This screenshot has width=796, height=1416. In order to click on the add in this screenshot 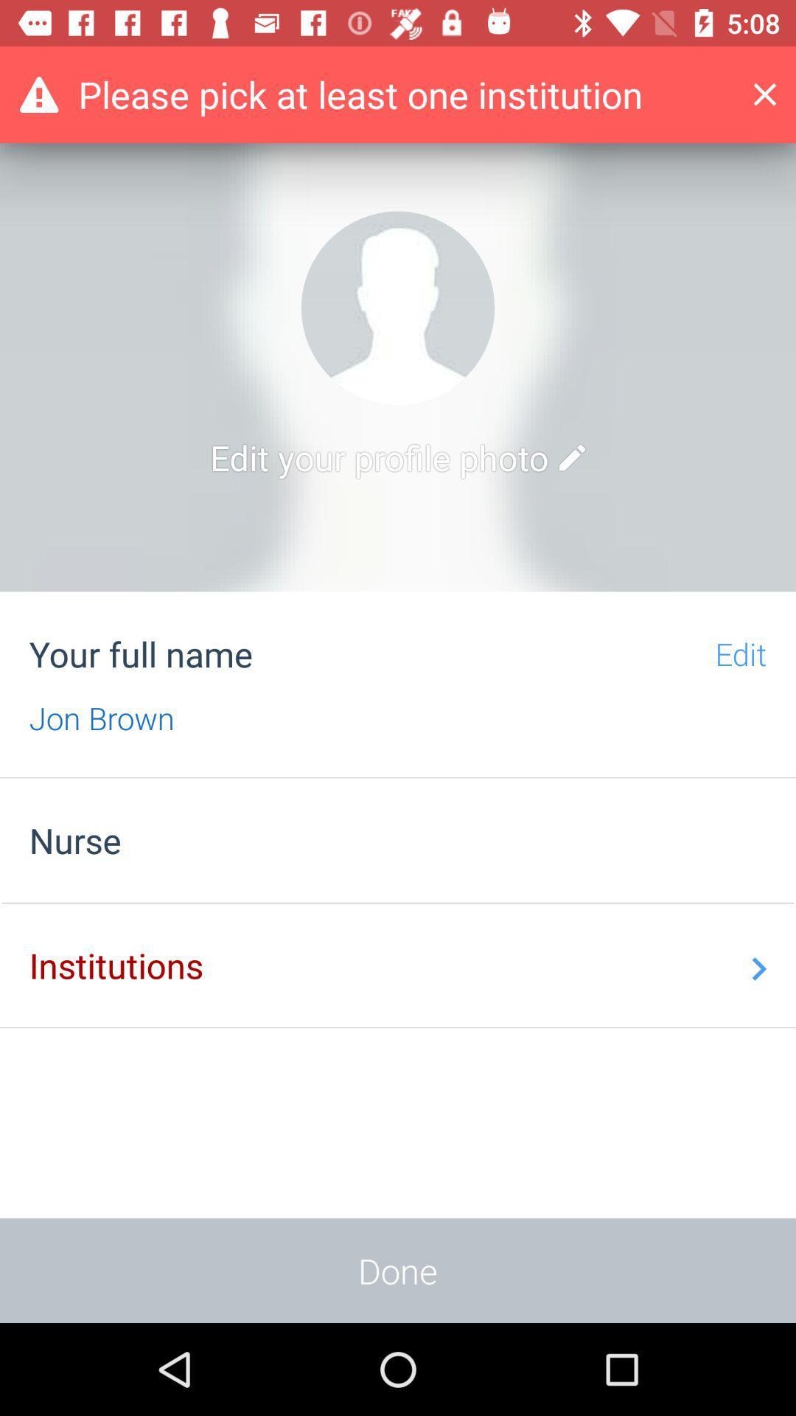, I will do `click(775, 94)`.